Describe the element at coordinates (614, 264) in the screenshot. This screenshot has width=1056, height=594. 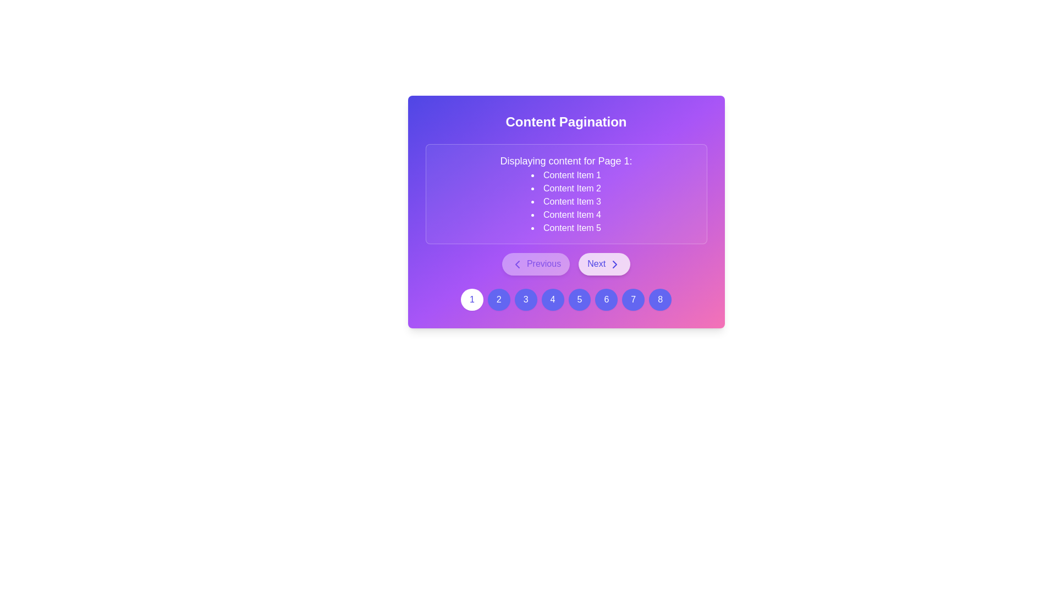
I see `the right-facing arrow icon within the 'Next' button in the pagination controls` at that location.